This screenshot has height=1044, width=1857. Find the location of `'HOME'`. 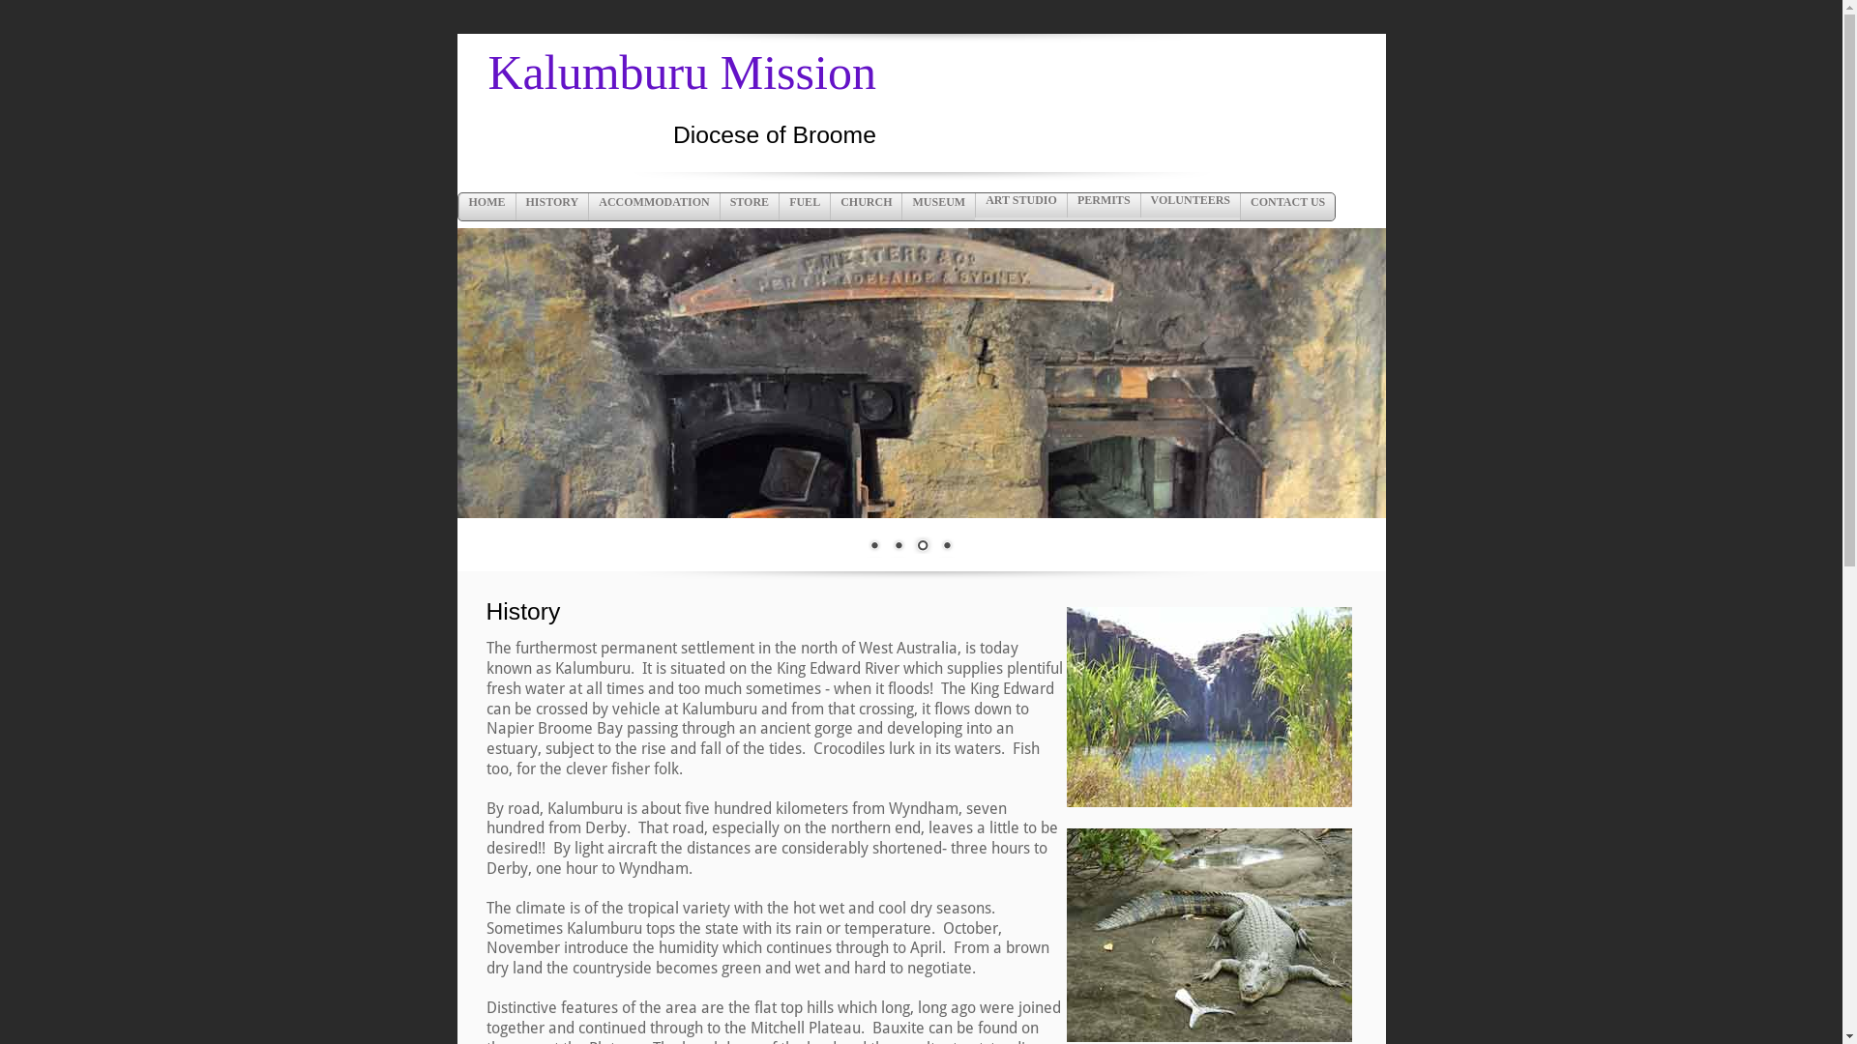

'HOME' is located at coordinates (486, 206).